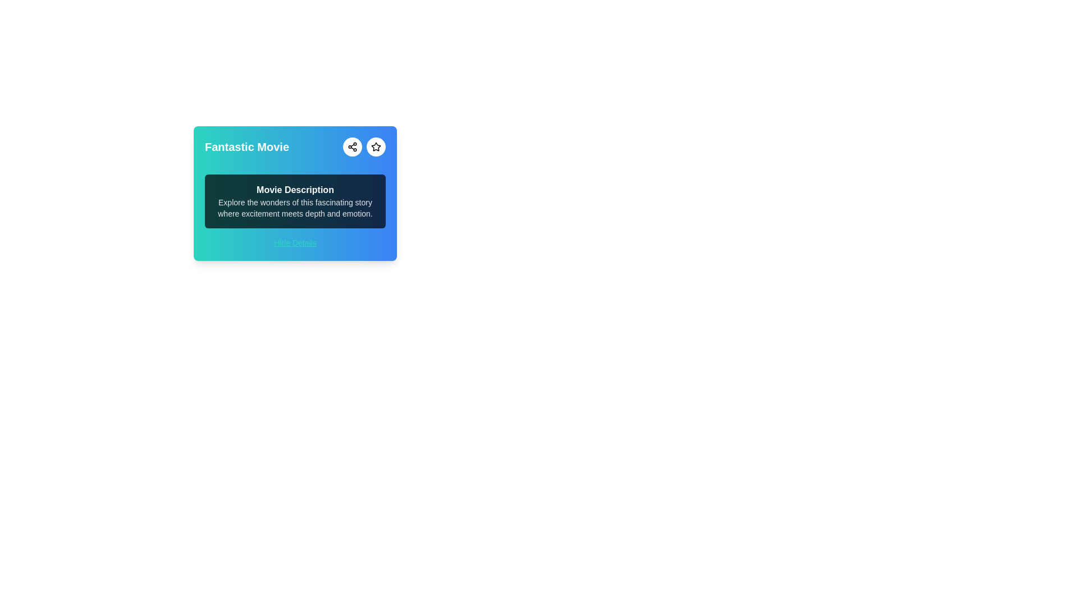 The image size is (1078, 606). I want to click on the favorite button located in the top-right corner of the interactive card to trigger the hover effect, so click(376, 146).